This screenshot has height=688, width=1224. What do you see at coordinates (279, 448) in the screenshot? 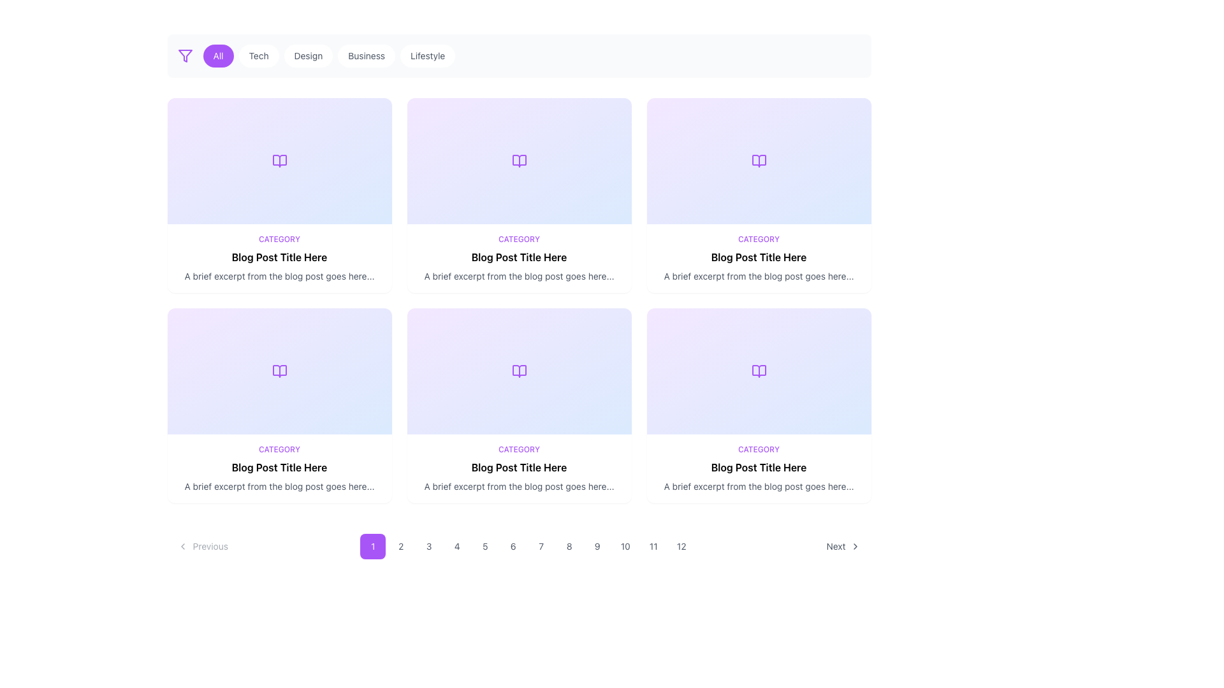
I see `the 'CATEGORY' label, which is a small piece of text in purple font, located at the top of the blog post preview panel, just above the post's title` at bounding box center [279, 448].